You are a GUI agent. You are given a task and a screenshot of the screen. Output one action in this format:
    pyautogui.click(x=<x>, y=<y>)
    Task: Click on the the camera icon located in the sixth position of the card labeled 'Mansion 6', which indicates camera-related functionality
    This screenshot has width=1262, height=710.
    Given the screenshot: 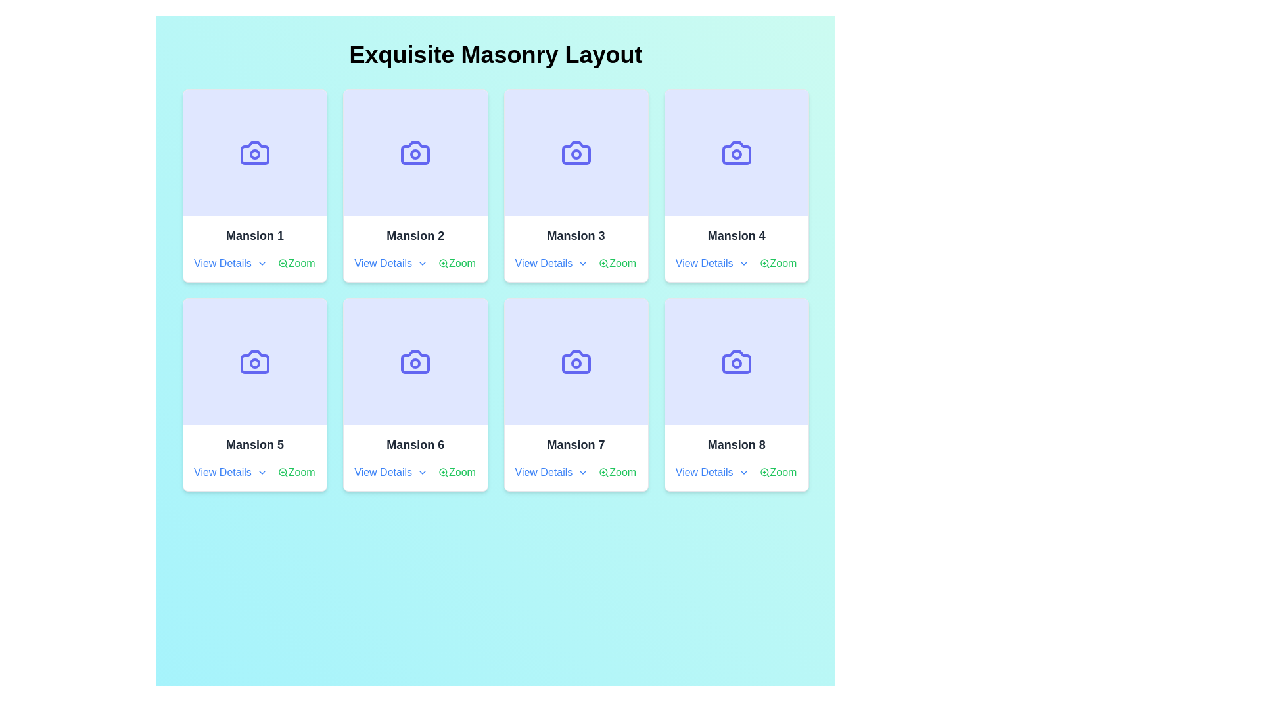 What is the action you would take?
    pyautogui.click(x=415, y=362)
    